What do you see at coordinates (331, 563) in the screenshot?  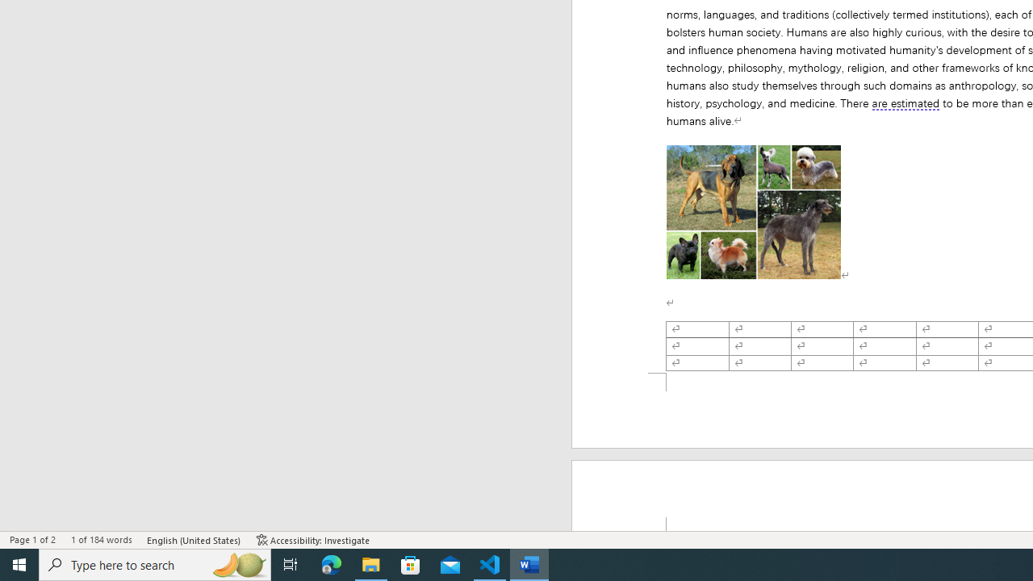 I see `'Microsoft Edge'` at bounding box center [331, 563].